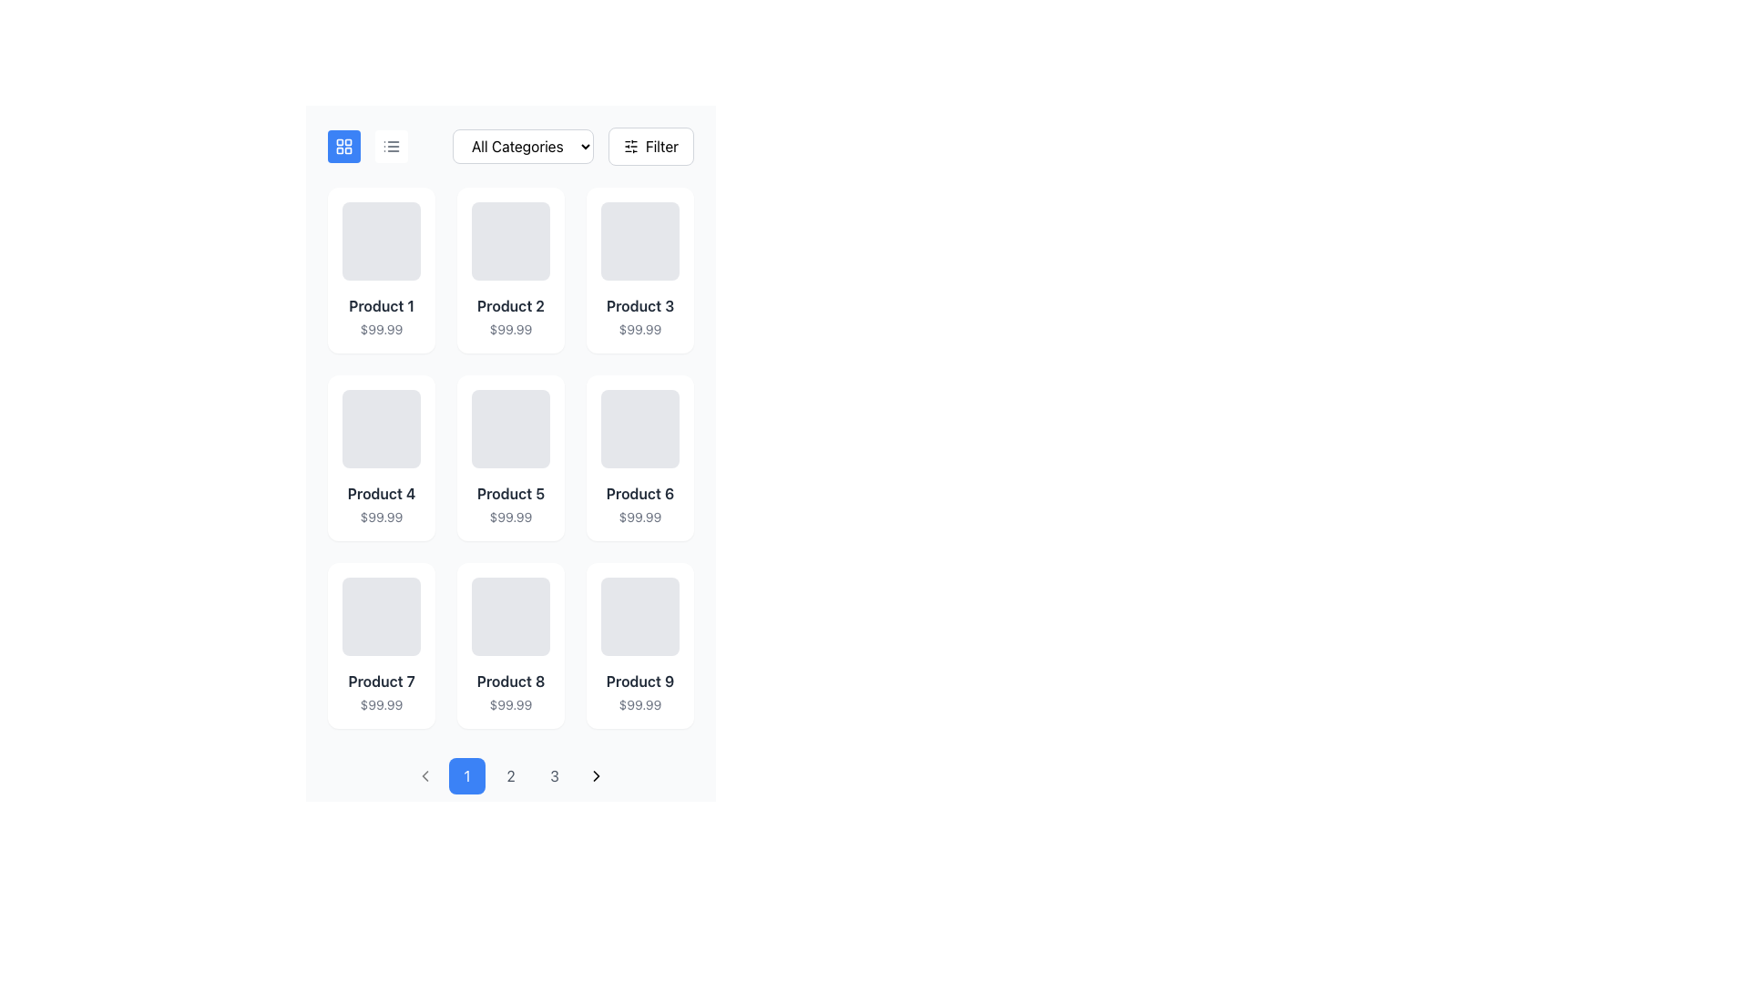 Image resolution: width=1749 pixels, height=984 pixels. I want to click on the SVG-based arrow icon in the bottom-right corner of the pagination control, so click(596, 776).